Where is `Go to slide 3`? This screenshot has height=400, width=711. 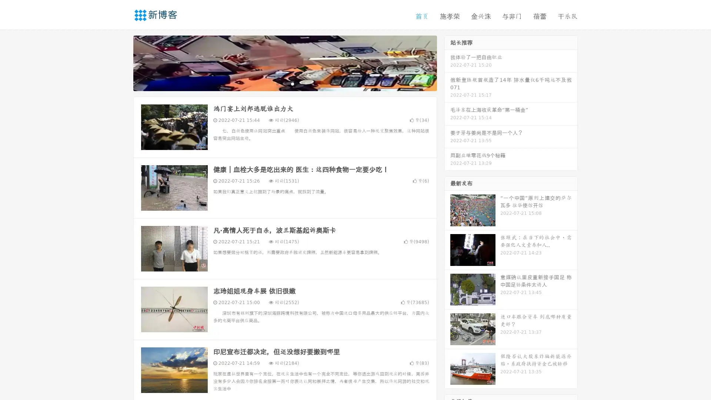
Go to slide 3 is located at coordinates (292, 83).